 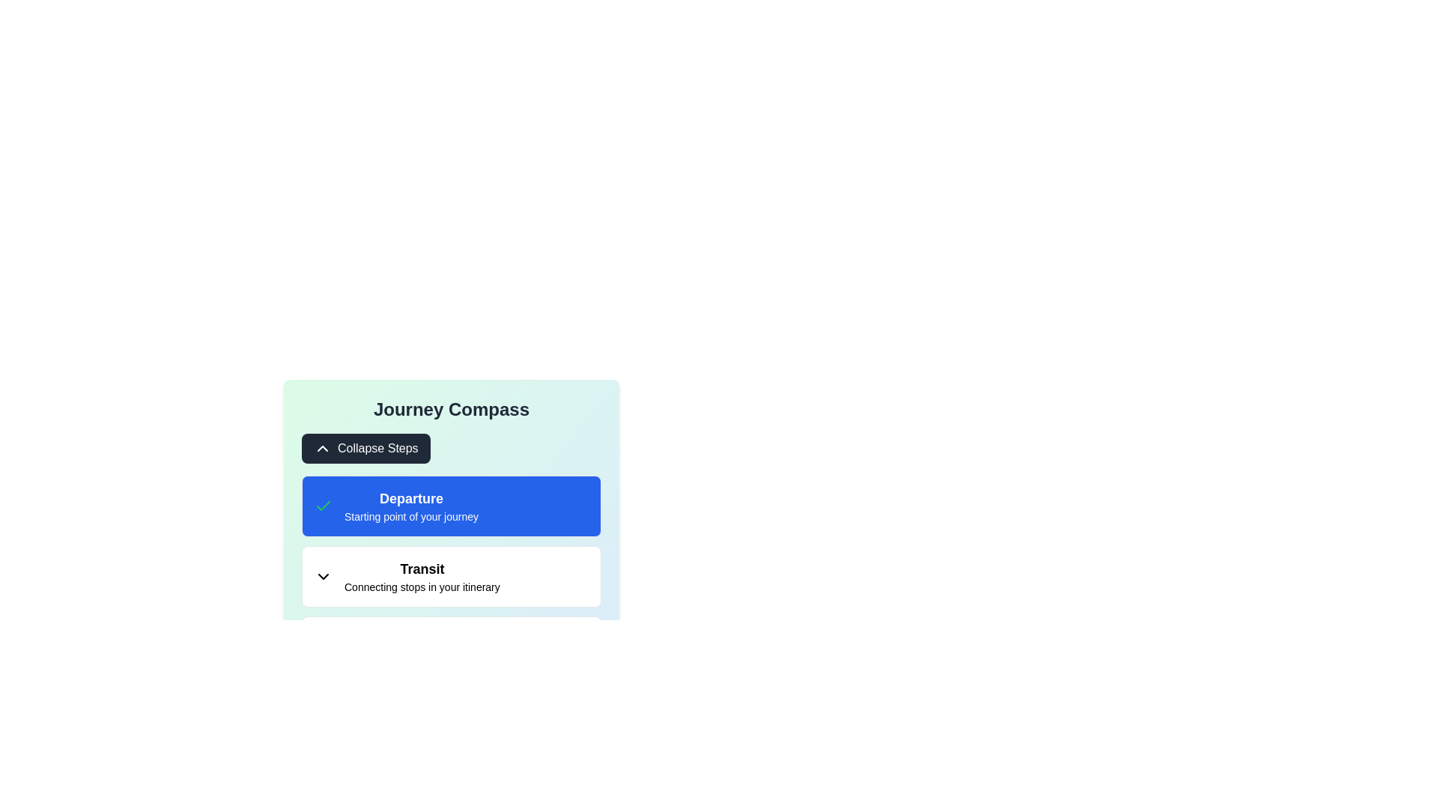 I want to click on the 'Transit' text label, which is displayed in bold font and aligned to the center above the subtitle, located within the 'Departure' card in the step-by-step journey interface, so click(x=421, y=576).